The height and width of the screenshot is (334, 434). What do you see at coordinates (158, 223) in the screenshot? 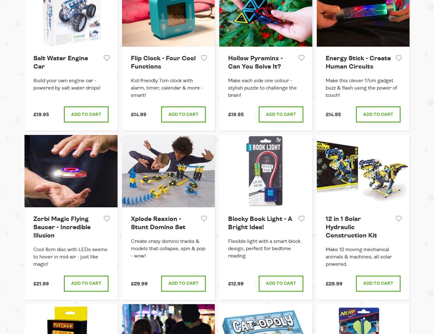
I see `'Xplode Reaxion - Stunt Domino Set'` at bounding box center [158, 223].